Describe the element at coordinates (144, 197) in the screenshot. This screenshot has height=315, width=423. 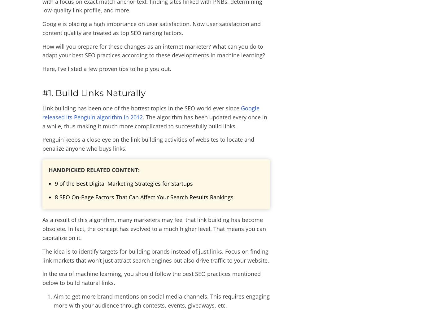
I see `'8 SEO On-Page Factors That Can Affect Your Search Results Rankings'` at that location.